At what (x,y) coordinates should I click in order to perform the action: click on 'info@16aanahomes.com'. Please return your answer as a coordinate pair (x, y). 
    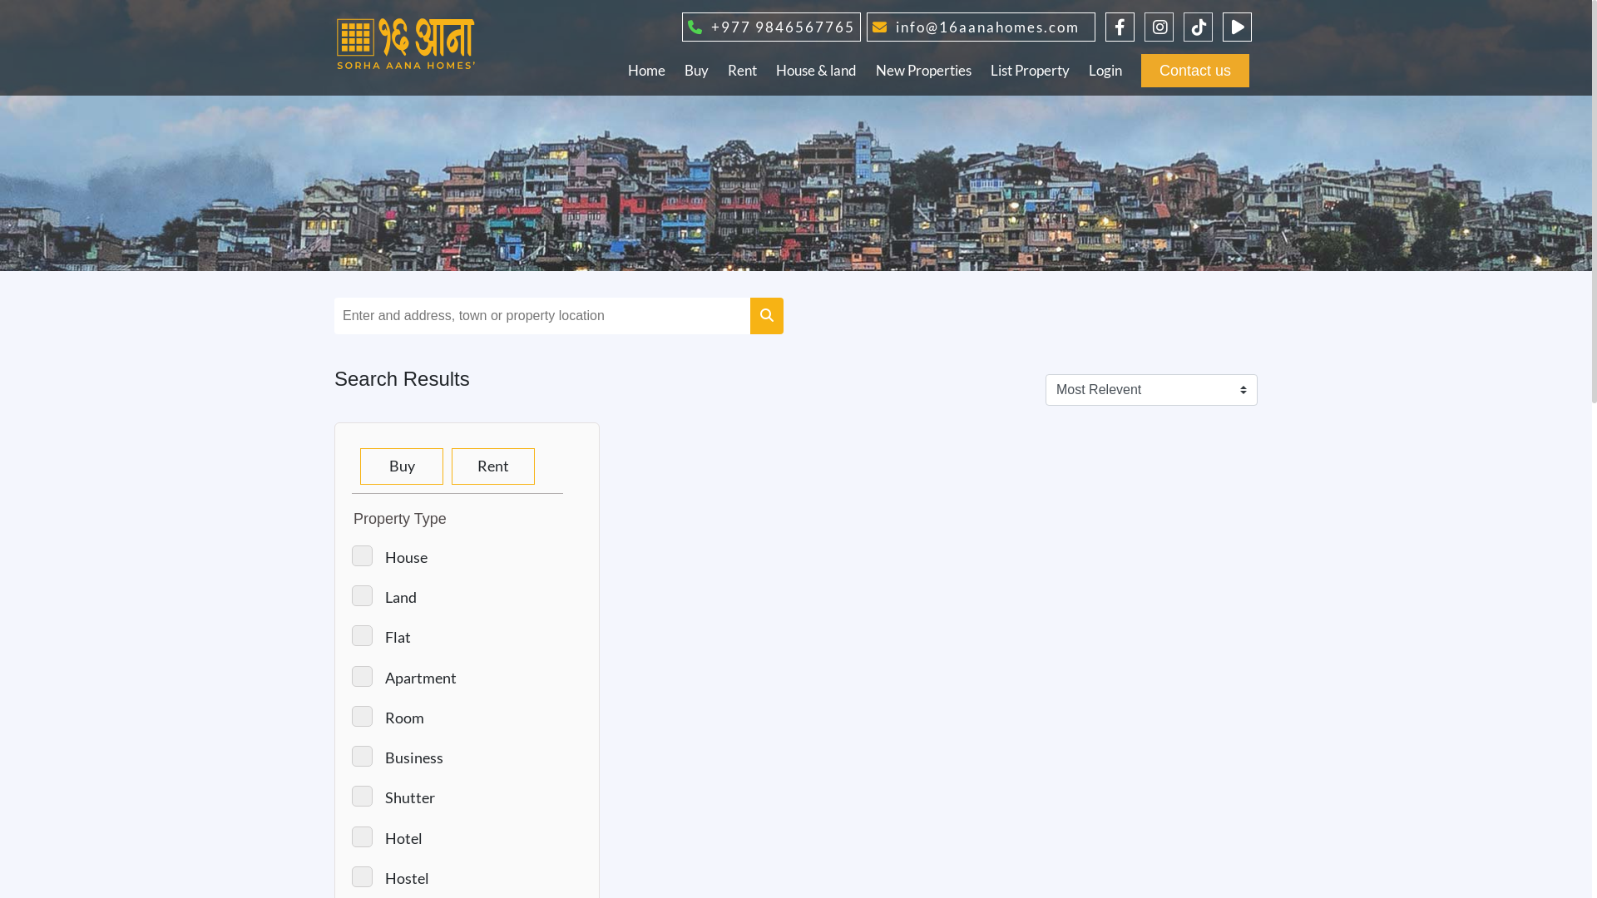
    Looking at the image, I should click on (973, 25).